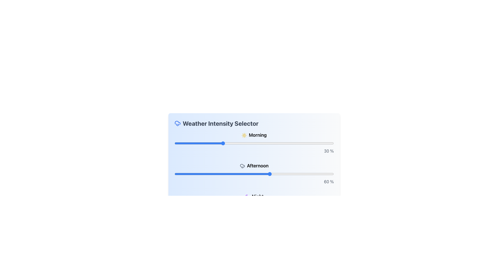 Image resolution: width=490 pixels, height=276 pixels. What do you see at coordinates (185, 143) in the screenshot?
I see `the morning weather intensity` at bounding box center [185, 143].